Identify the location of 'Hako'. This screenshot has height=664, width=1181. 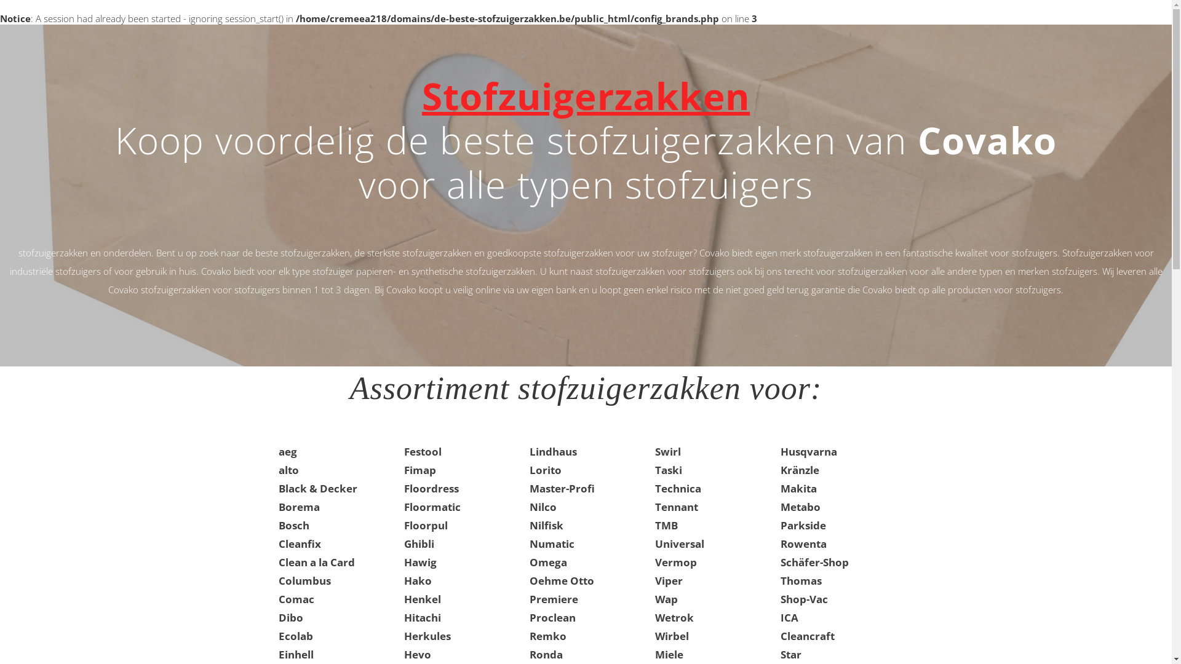
(404, 580).